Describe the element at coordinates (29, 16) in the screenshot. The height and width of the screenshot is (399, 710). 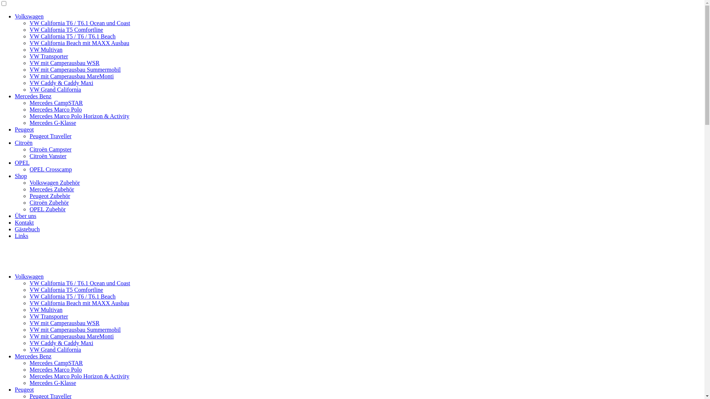
I see `'Volkswagen'` at that location.